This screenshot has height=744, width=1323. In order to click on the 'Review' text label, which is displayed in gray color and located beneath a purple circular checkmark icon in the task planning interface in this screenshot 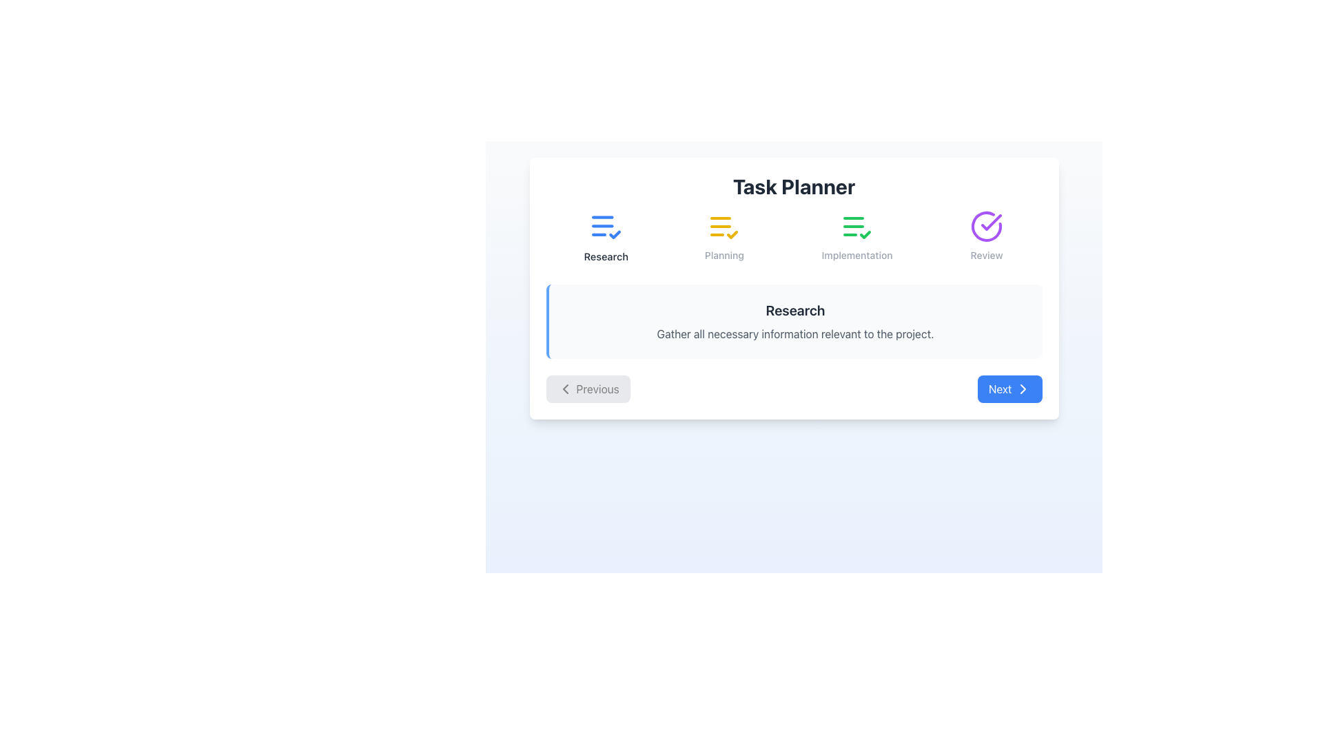, I will do `click(986, 255)`.